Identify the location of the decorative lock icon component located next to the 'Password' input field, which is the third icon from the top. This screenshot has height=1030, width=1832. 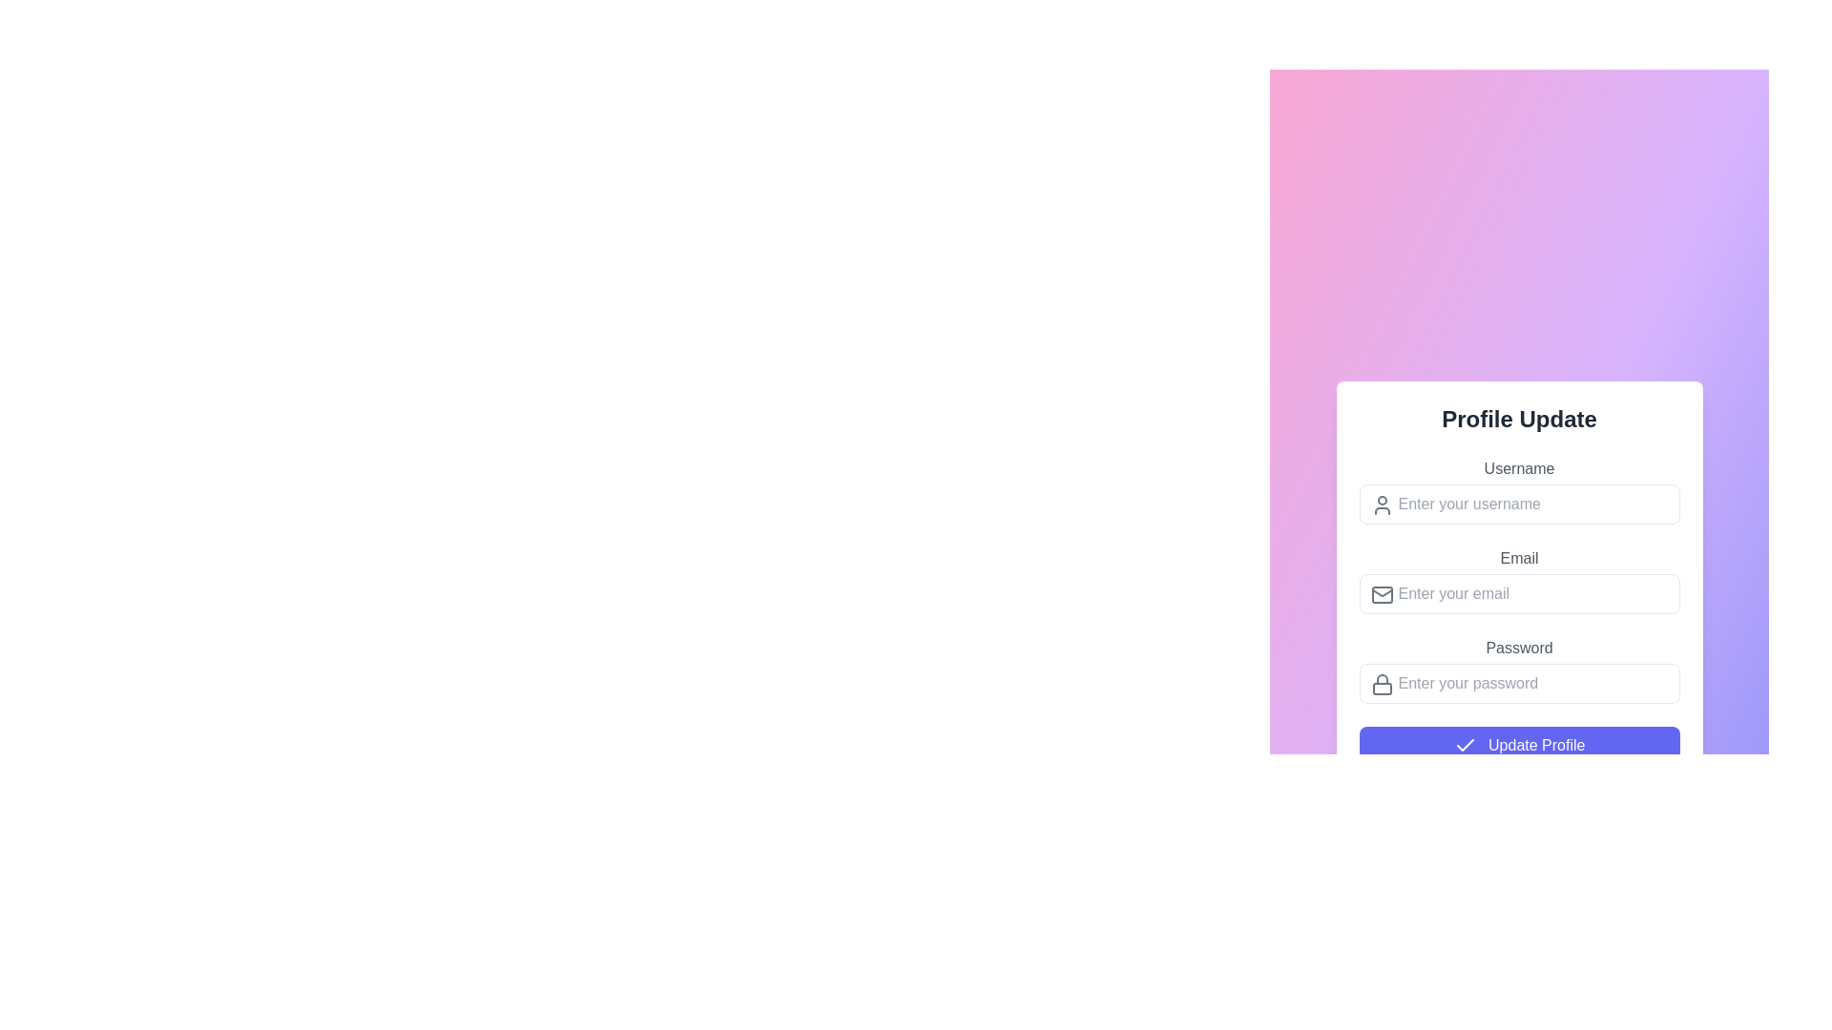
(1382, 689).